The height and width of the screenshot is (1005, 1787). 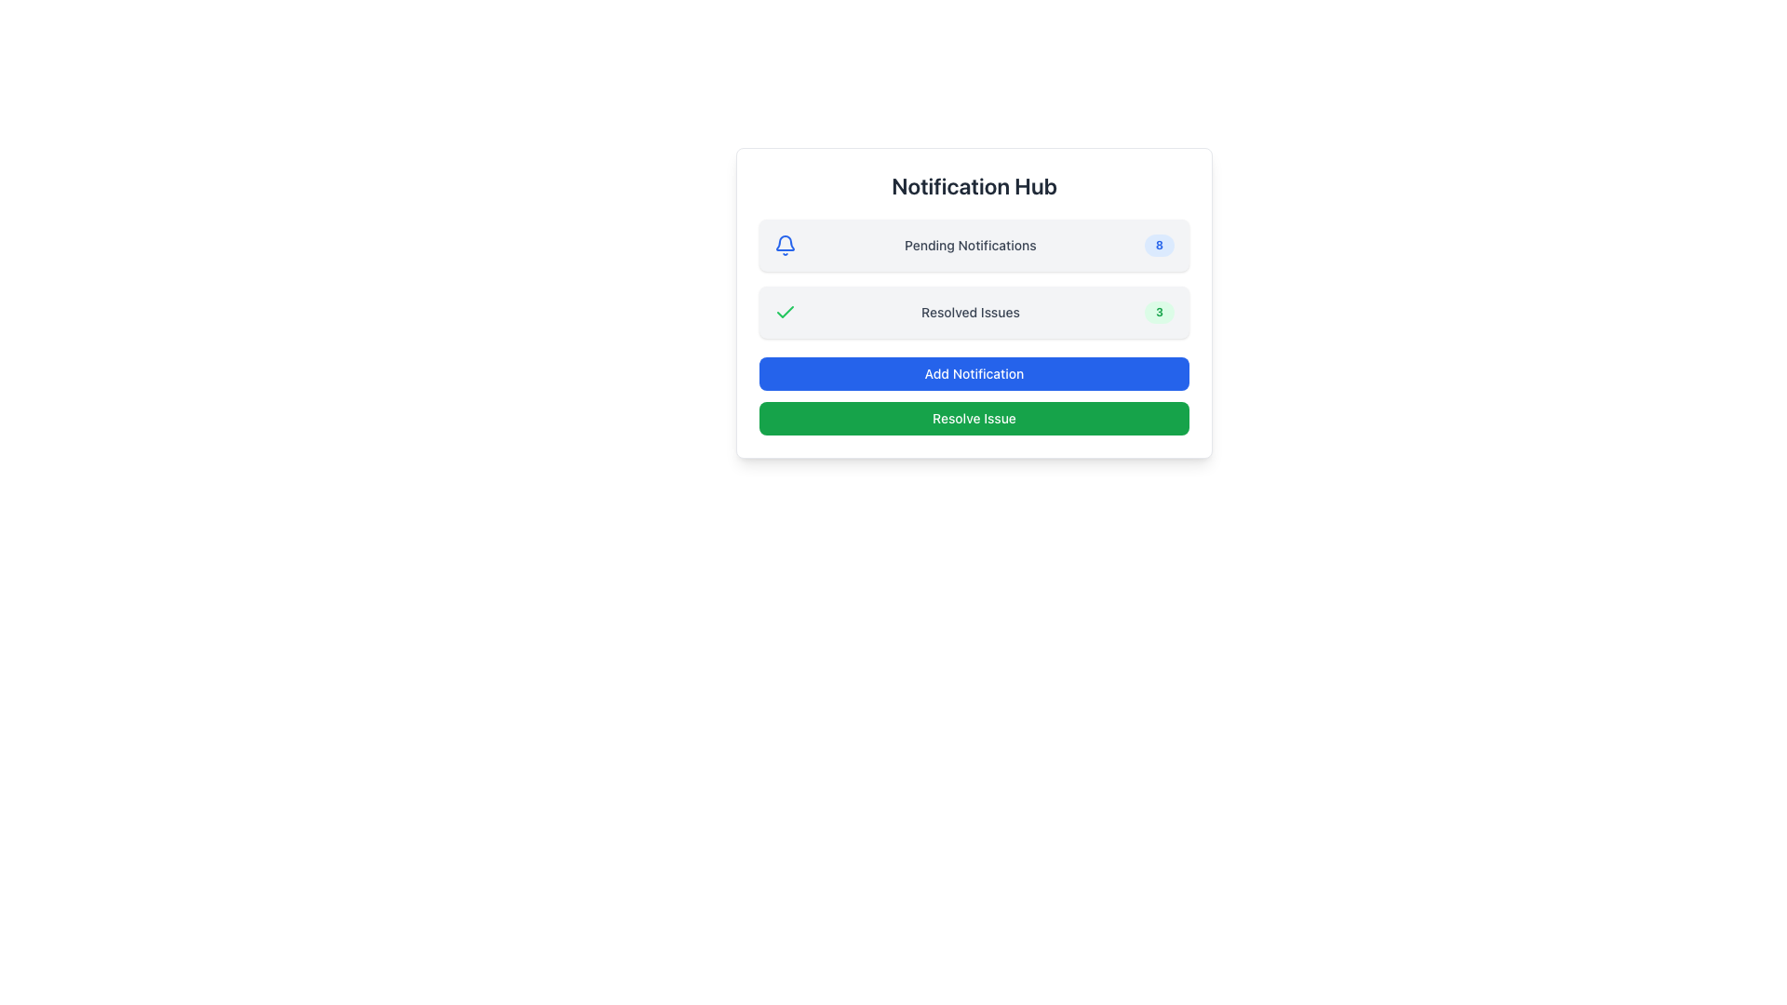 What do you see at coordinates (1158, 244) in the screenshot?
I see `the Number Badge, which is a small, rounded badge with a light blue background displaying the number '8', located in the top-right section of the Notification Hub card` at bounding box center [1158, 244].